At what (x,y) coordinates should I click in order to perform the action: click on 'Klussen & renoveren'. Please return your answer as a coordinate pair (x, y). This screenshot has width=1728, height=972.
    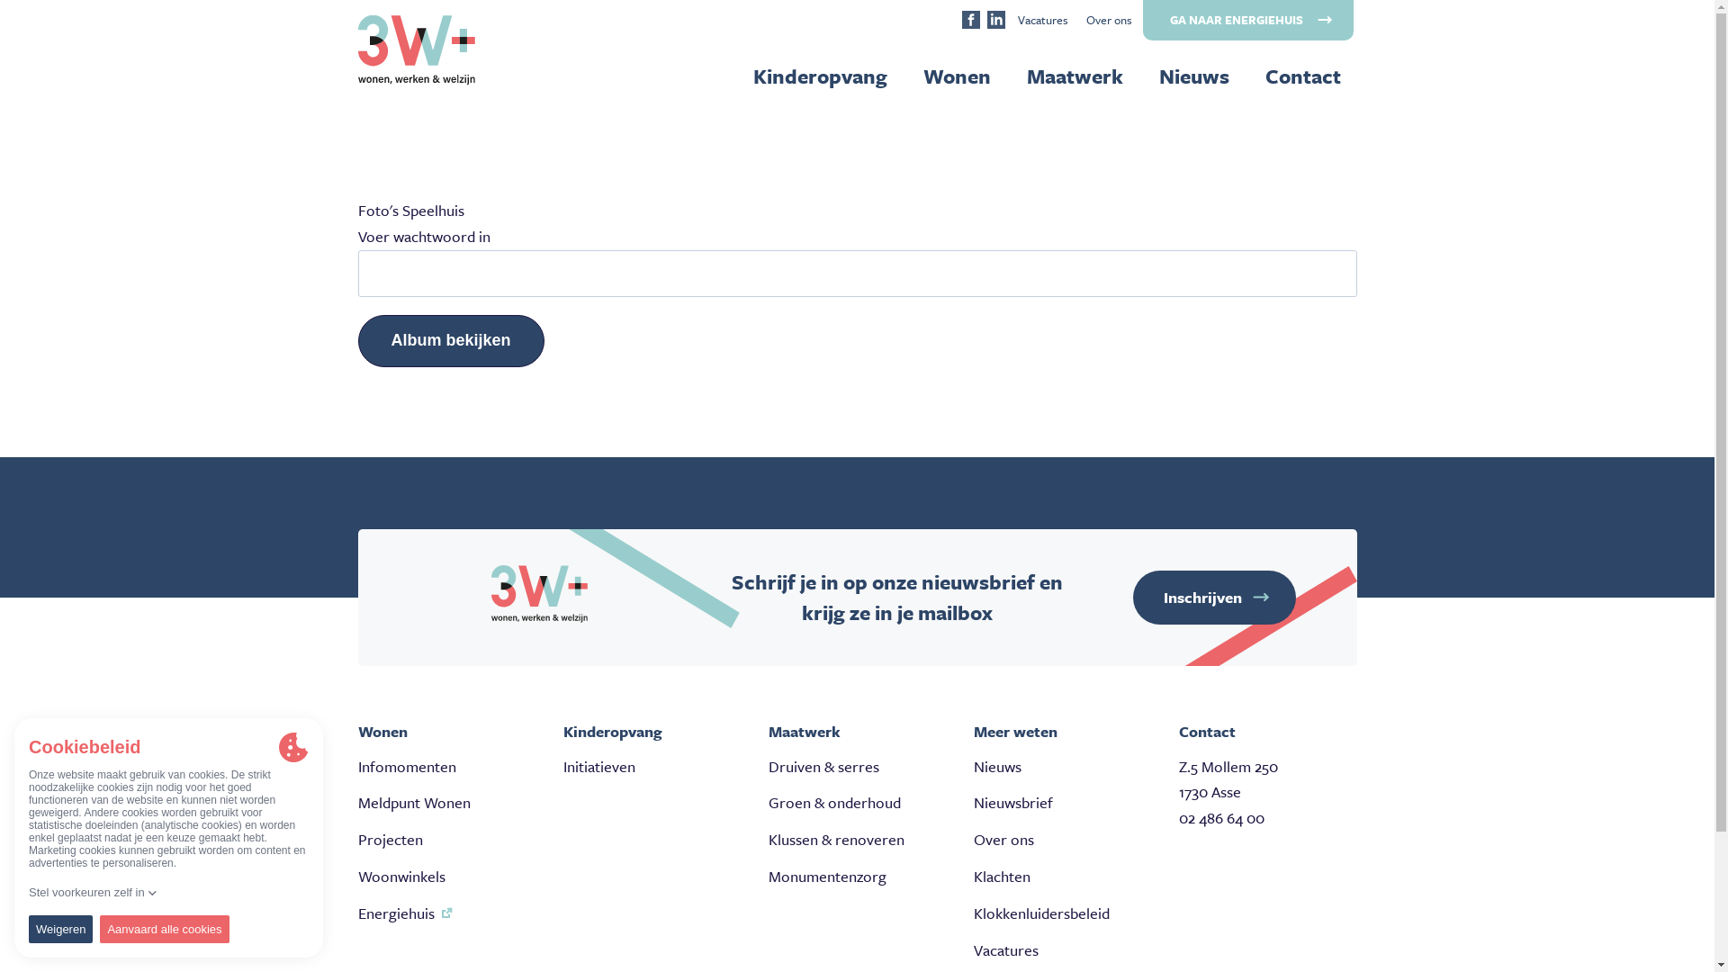
    Looking at the image, I should click on (835, 839).